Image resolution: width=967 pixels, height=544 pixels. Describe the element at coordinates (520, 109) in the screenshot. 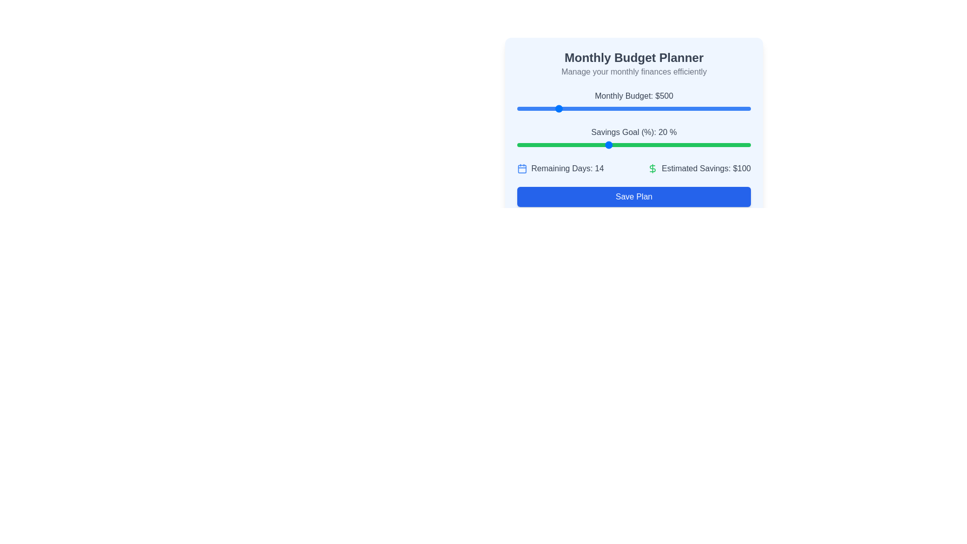

I see `the budget` at that location.